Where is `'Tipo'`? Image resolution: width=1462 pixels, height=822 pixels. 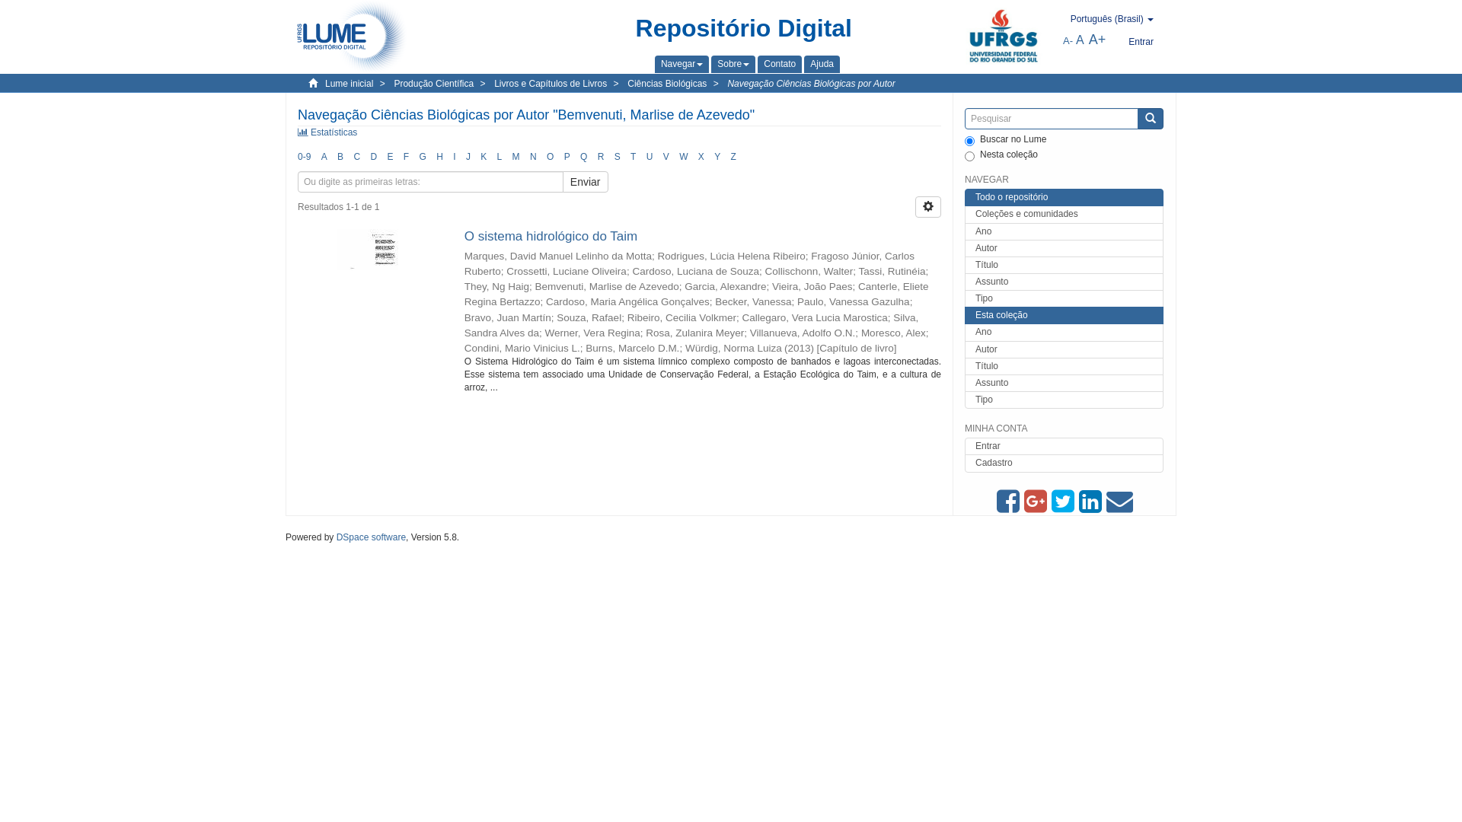 'Tipo' is located at coordinates (964, 399).